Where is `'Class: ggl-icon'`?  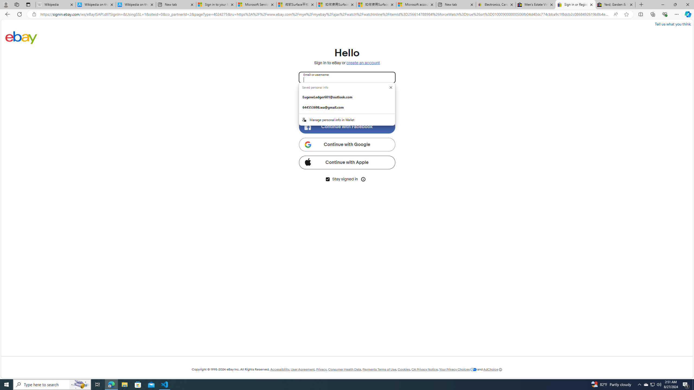 'Class: ggl-icon' is located at coordinates (307, 144).